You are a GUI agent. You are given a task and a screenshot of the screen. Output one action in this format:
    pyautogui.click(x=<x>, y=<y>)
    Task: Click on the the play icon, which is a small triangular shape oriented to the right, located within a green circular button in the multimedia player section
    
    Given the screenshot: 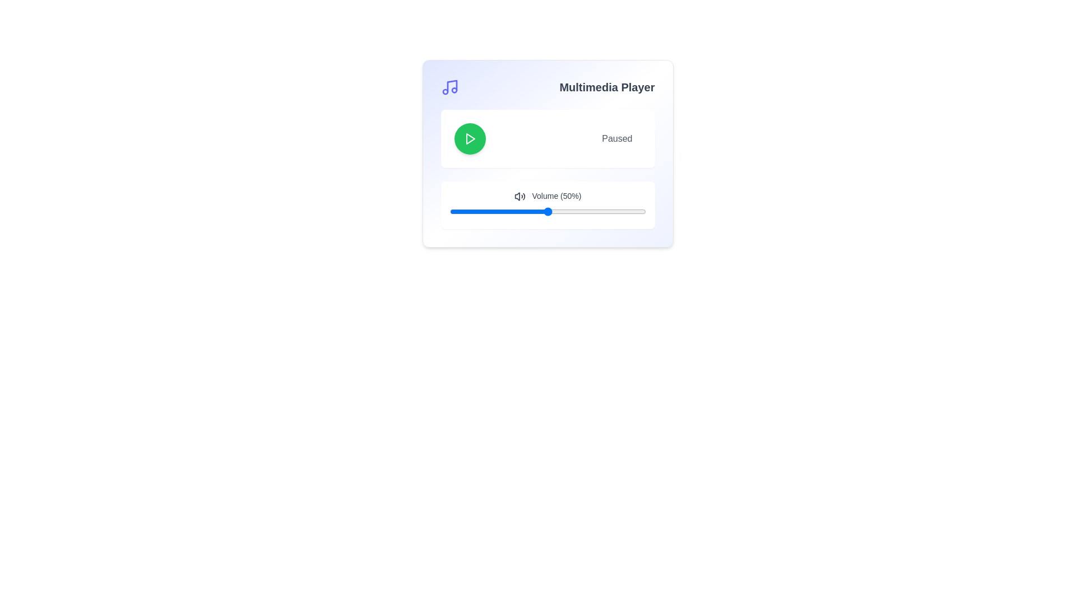 What is the action you would take?
    pyautogui.click(x=470, y=138)
    